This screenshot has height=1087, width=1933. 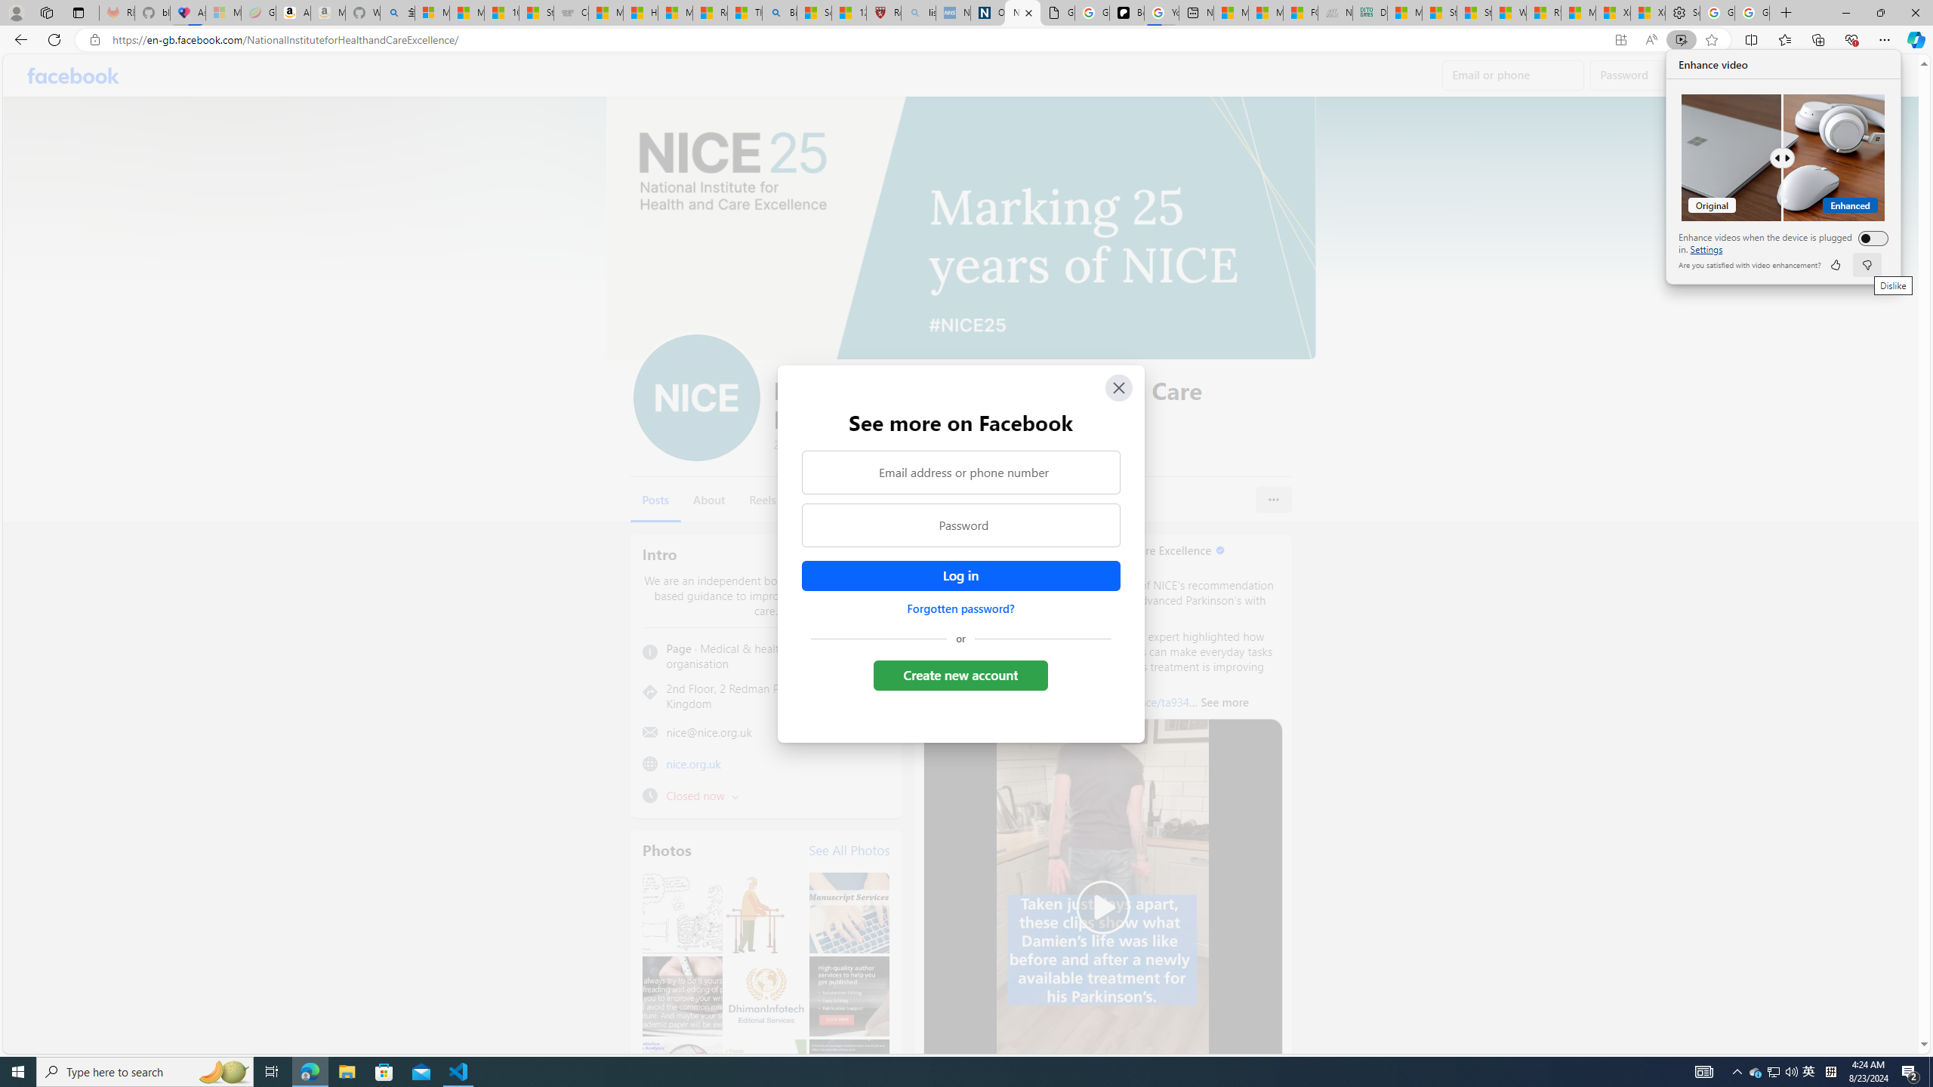 I want to click on 'Comparision', so click(x=1782, y=156).